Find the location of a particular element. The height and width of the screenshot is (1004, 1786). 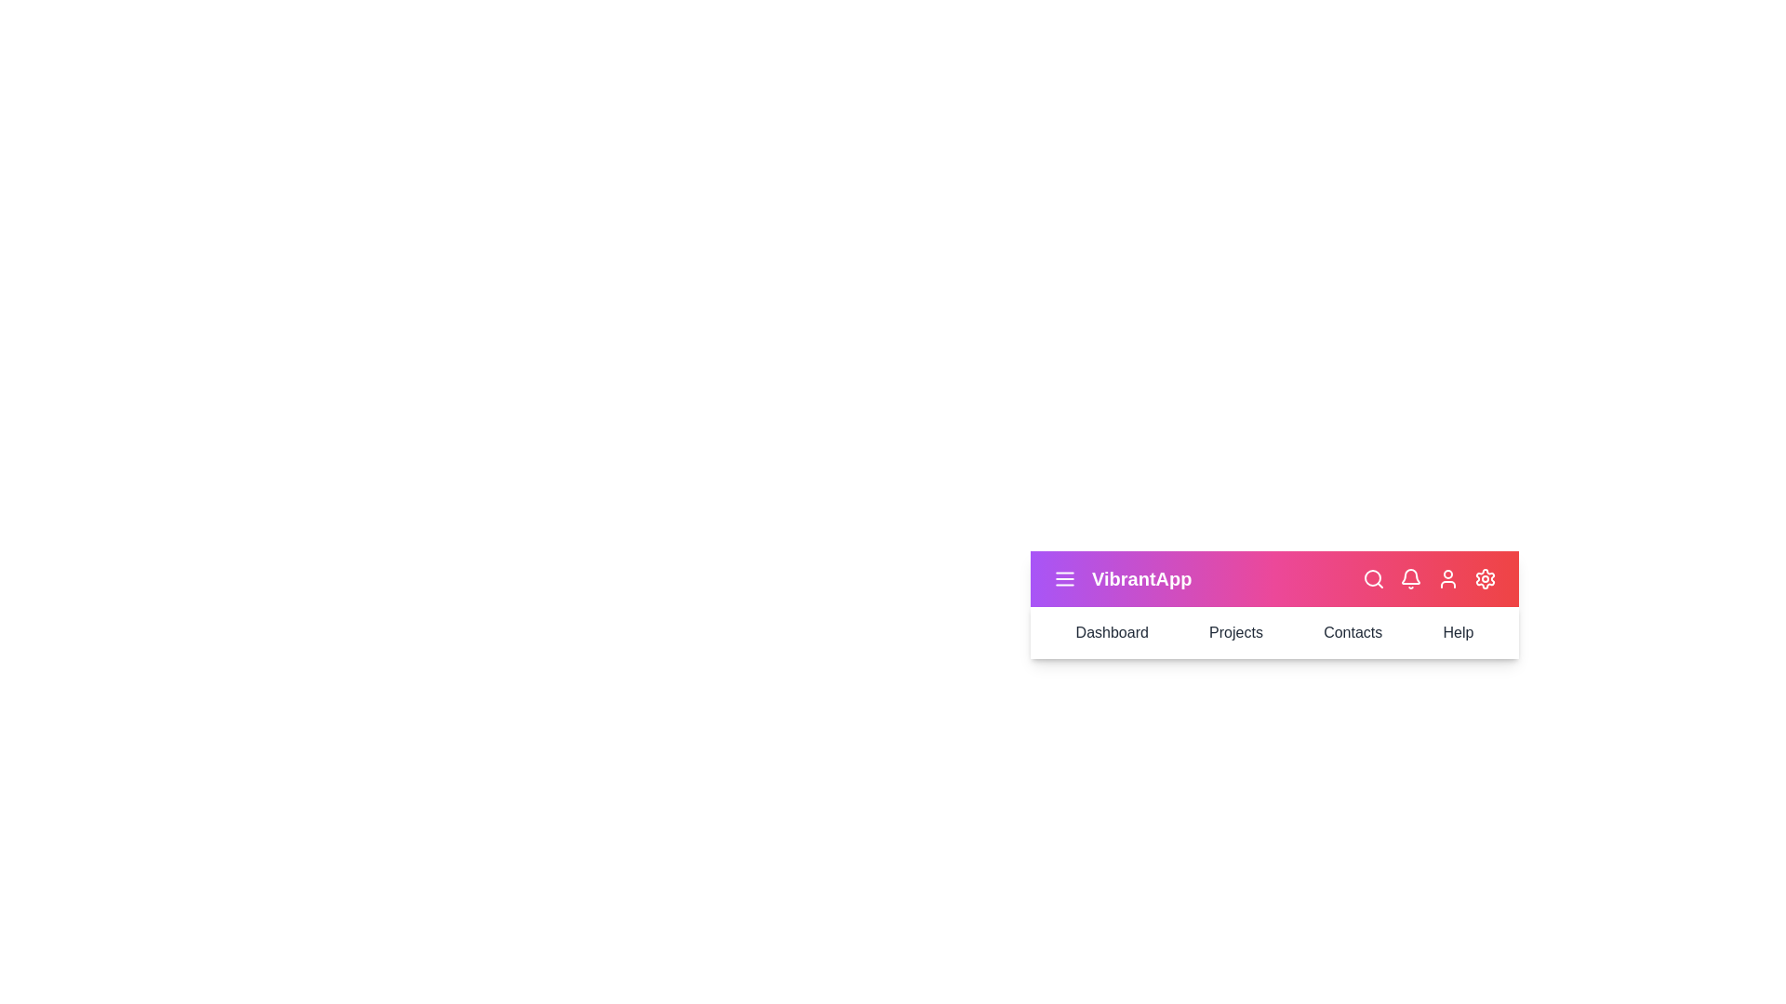

the search icon in the header is located at coordinates (1374, 578).